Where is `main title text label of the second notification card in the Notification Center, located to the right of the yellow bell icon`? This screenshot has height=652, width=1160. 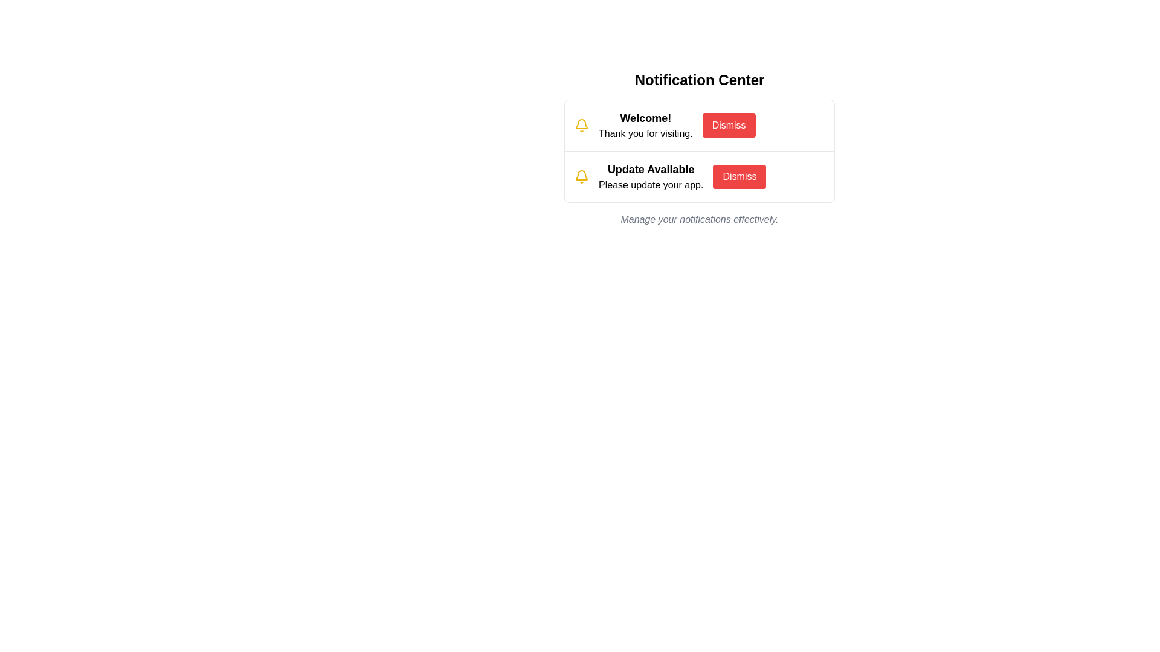 main title text label of the second notification card in the Notification Center, located to the right of the yellow bell icon is located at coordinates (650, 170).